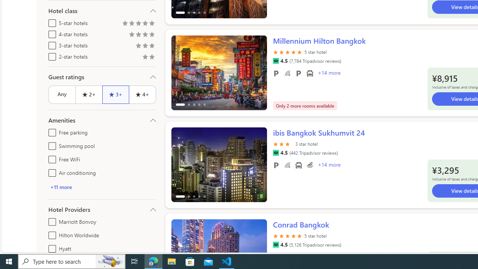 The image size is (478, 269). I want to click on 'Any', so click(62, 94).